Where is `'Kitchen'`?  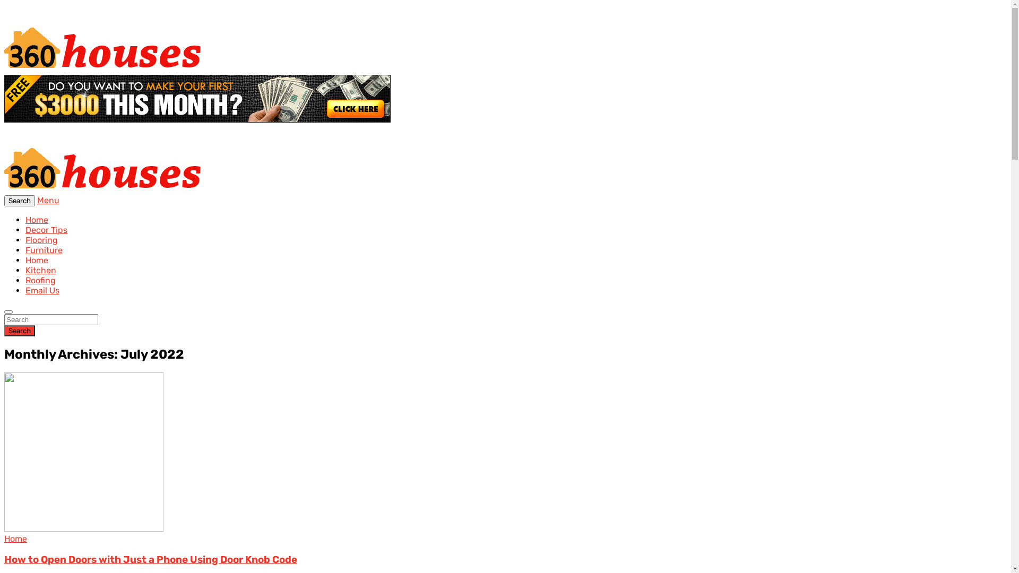 'Kitchen' is located at coordinates (40, 270).